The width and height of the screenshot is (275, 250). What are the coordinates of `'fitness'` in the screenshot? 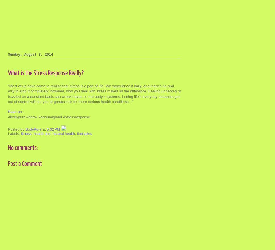 It's located at (26, 133).